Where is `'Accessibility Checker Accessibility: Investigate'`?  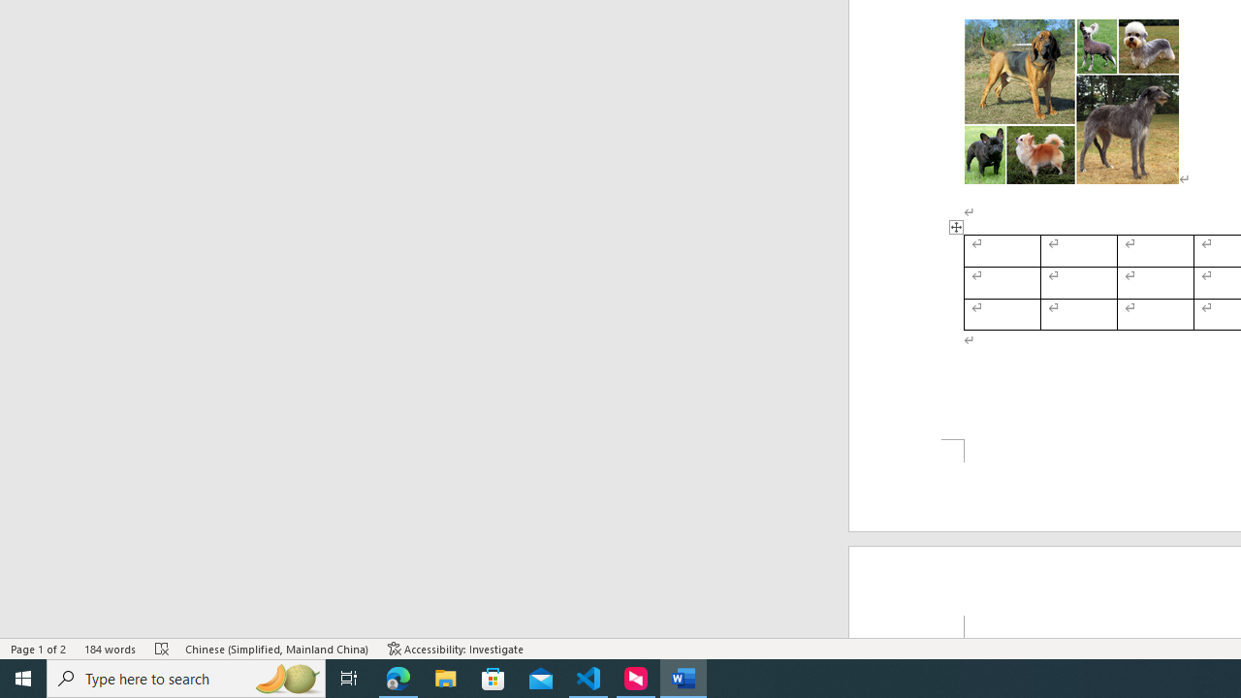
'Accessibility Checker Accessibility: Investigate' is located at coordinates (455, 649).